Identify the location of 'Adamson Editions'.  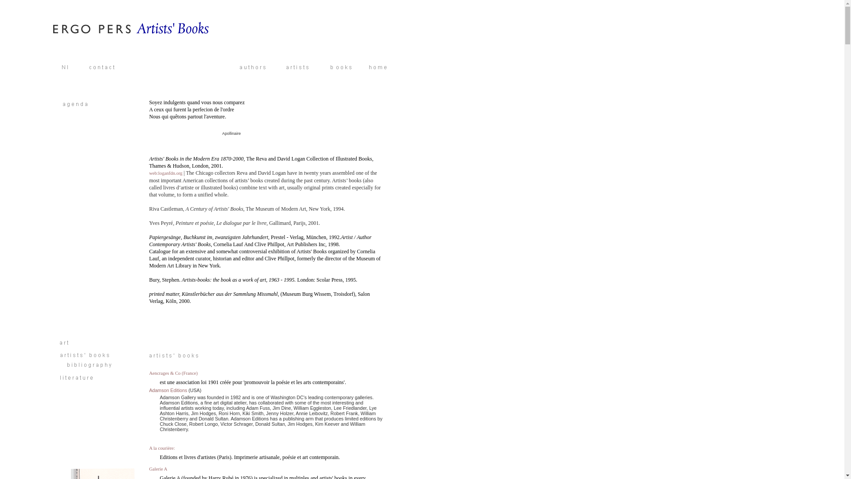
(168, 389).